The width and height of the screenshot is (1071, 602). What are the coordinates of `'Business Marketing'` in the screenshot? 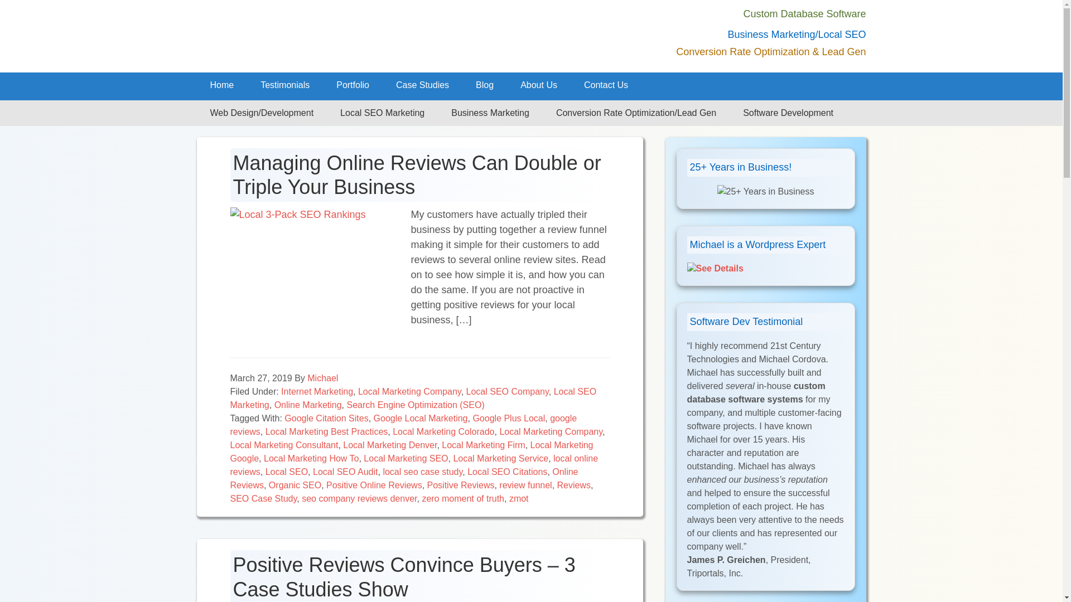 It's located at (490, 113).